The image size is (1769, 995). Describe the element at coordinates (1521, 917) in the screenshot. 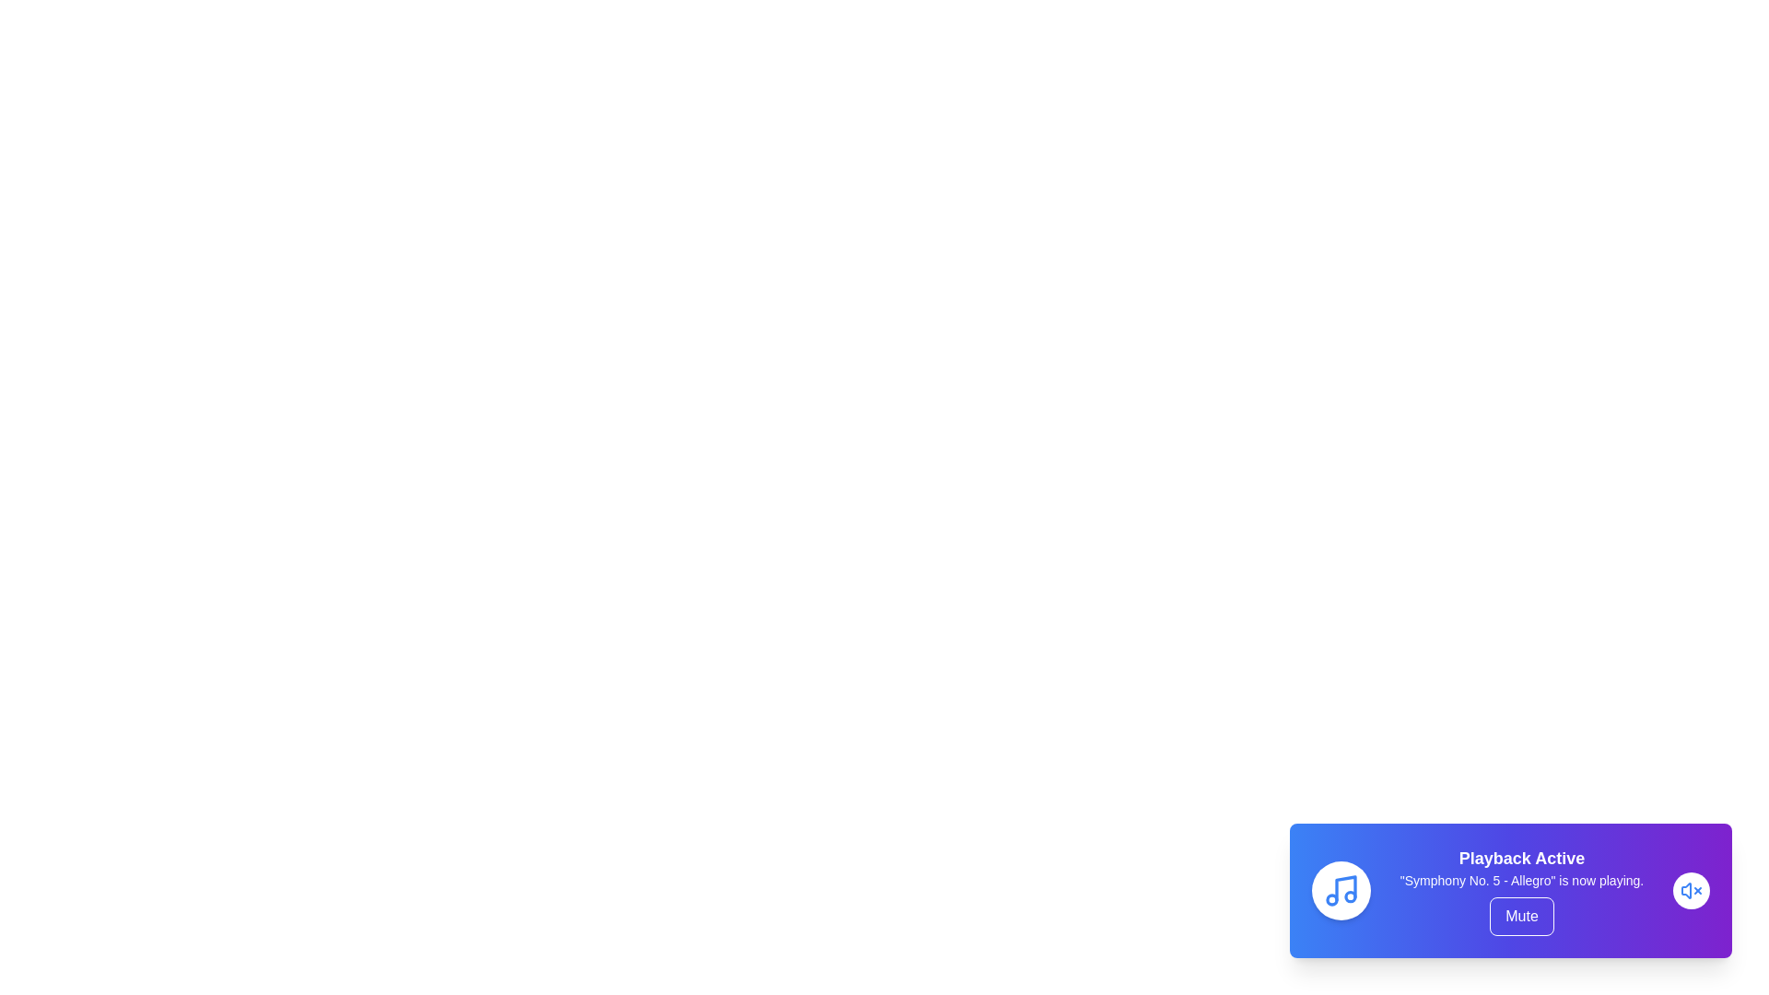

I see `the mute/unmute button to toggle the sound state` at that location.